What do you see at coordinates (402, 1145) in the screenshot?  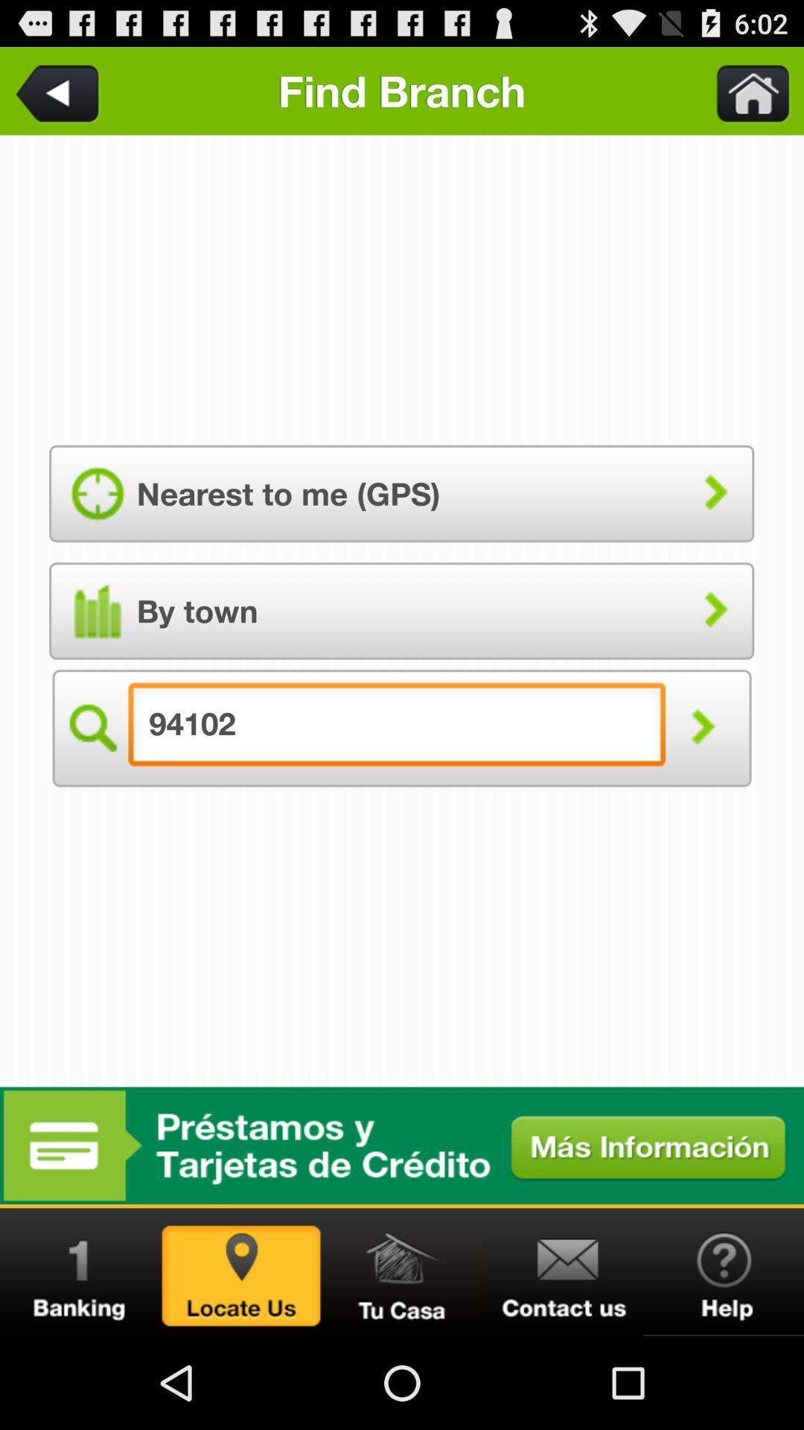 I see `add` at bounding box center [402, 1145].